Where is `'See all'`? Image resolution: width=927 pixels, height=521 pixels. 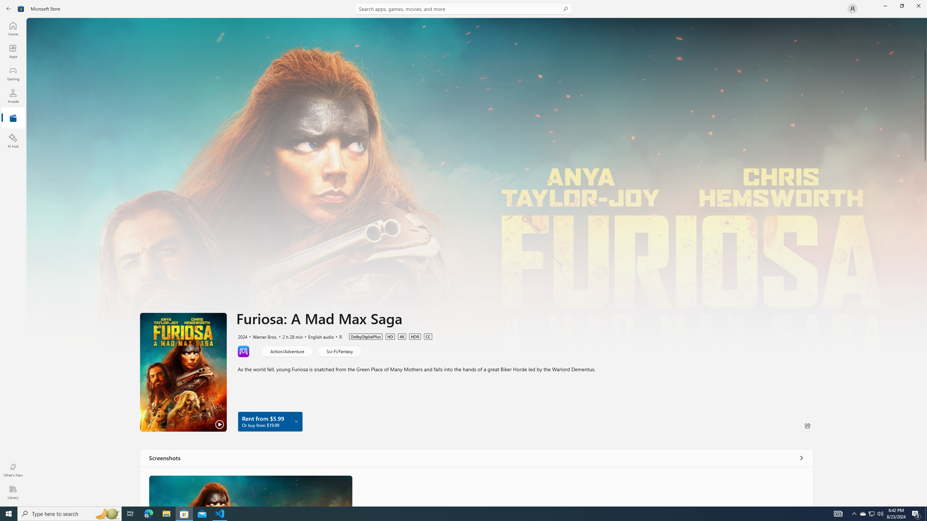
'See all' is located at coordinates (801, 457).